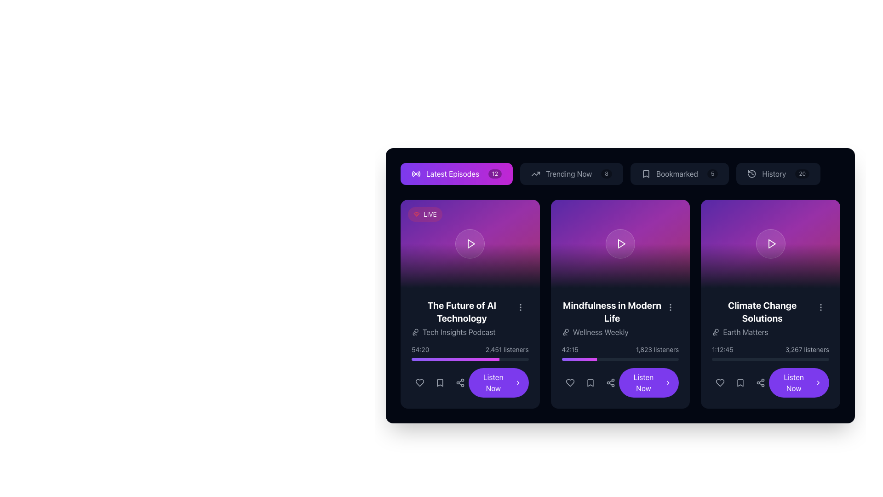 The height and width of the screenshot is (497, 883). I want to click on the chevron icon associated with the 'Listen Now' button located at the bottom of the 'Climate Change Solutions' card, so click(818, 383).